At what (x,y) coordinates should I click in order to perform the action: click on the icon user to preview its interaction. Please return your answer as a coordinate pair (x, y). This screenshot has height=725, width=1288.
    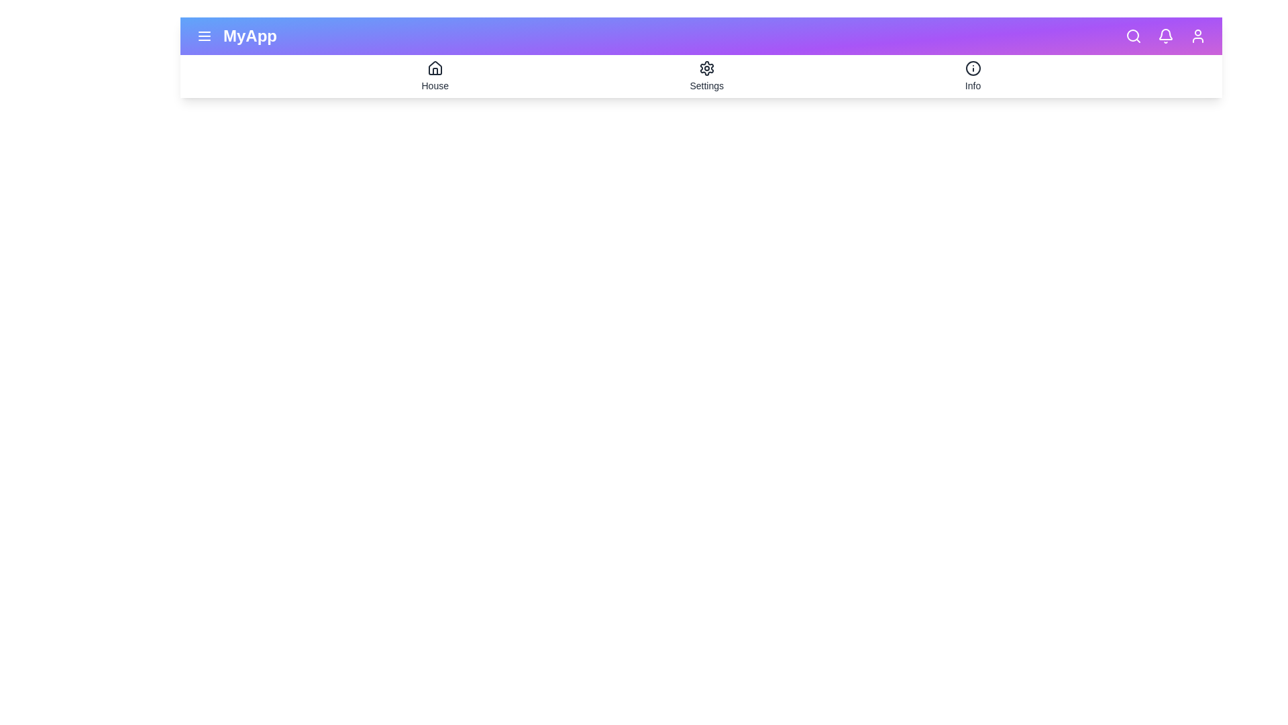
    Looking at the image, I should click on (1197, 36).